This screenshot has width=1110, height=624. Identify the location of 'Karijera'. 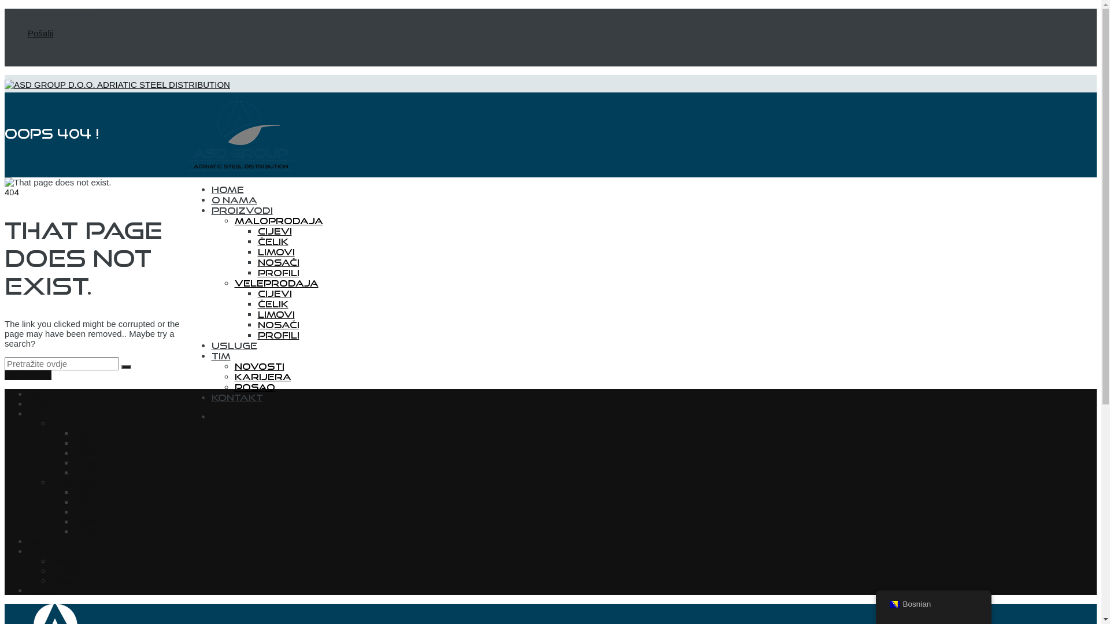
(262, 376).